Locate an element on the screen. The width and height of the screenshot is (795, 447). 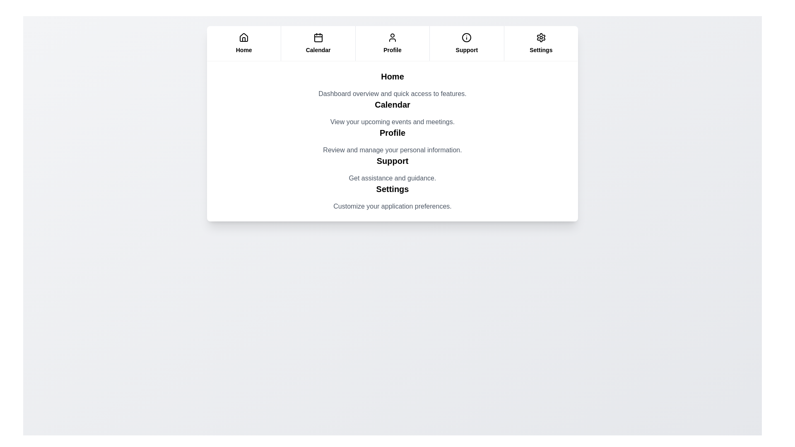
'Settings' text label located underneath the settings gear icon in the top navigation area is located at coordinates (541, 50).